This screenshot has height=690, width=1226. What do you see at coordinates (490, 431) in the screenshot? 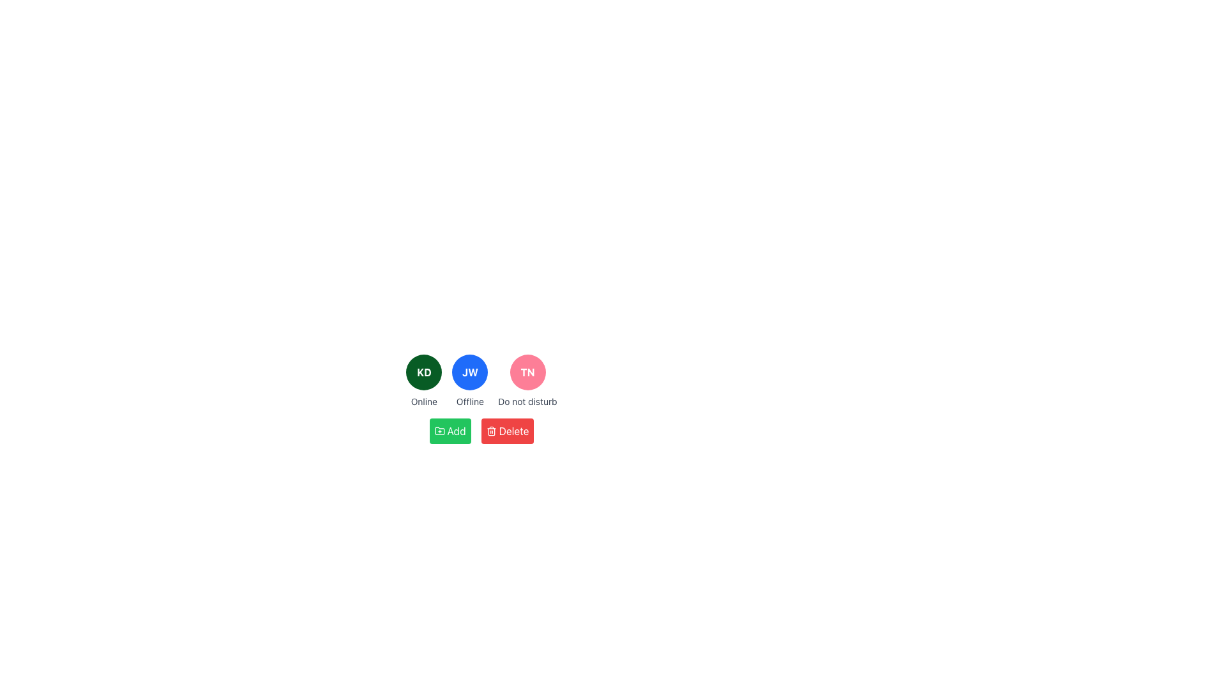
I see `the trash bin icon, which is the rightmost icon in the row of buttons beneath the user circles ('KD', 'JW', 'TN'), to initiate a delete action` at bounding box center [490, 431].